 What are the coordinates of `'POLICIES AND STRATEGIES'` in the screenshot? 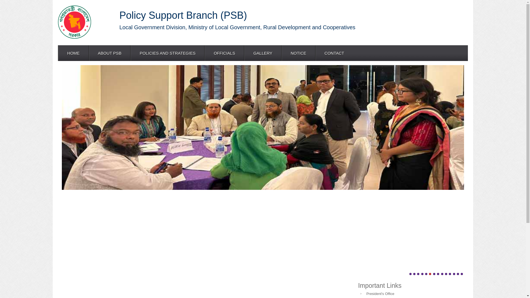 It's located at (167, 53).